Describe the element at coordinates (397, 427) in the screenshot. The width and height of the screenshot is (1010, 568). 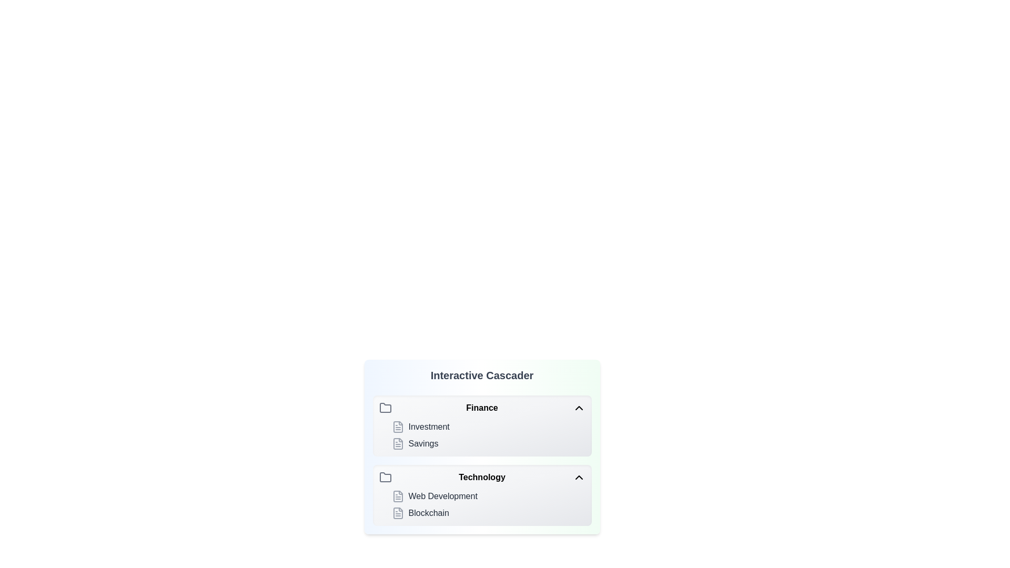
I see `the light gray document icon located to the left of the 'Investment' label in the Finance section of the Interactive Cascader interface` at that location.